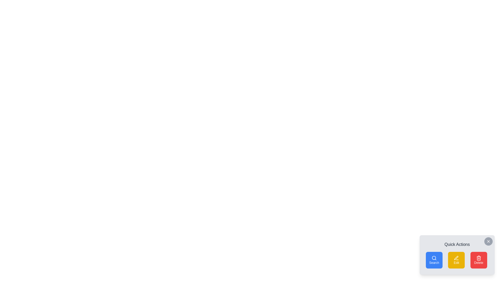 The image size is (501, 281). What do you see at coordinates (434, 263) in the screenshot?
I see `the 'Search' text label` at bounding box center [434, 263].